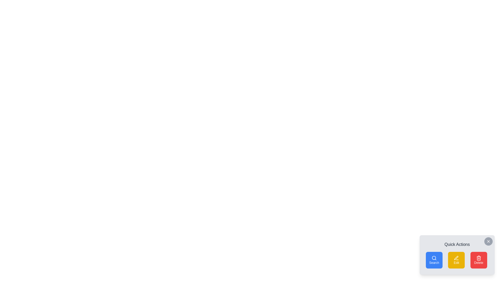 The image size is (501, 281). What do you see at coordinates (434, 263) in the screenshot?
I see `the 'Search' text label` at bounding box center [434, 263].